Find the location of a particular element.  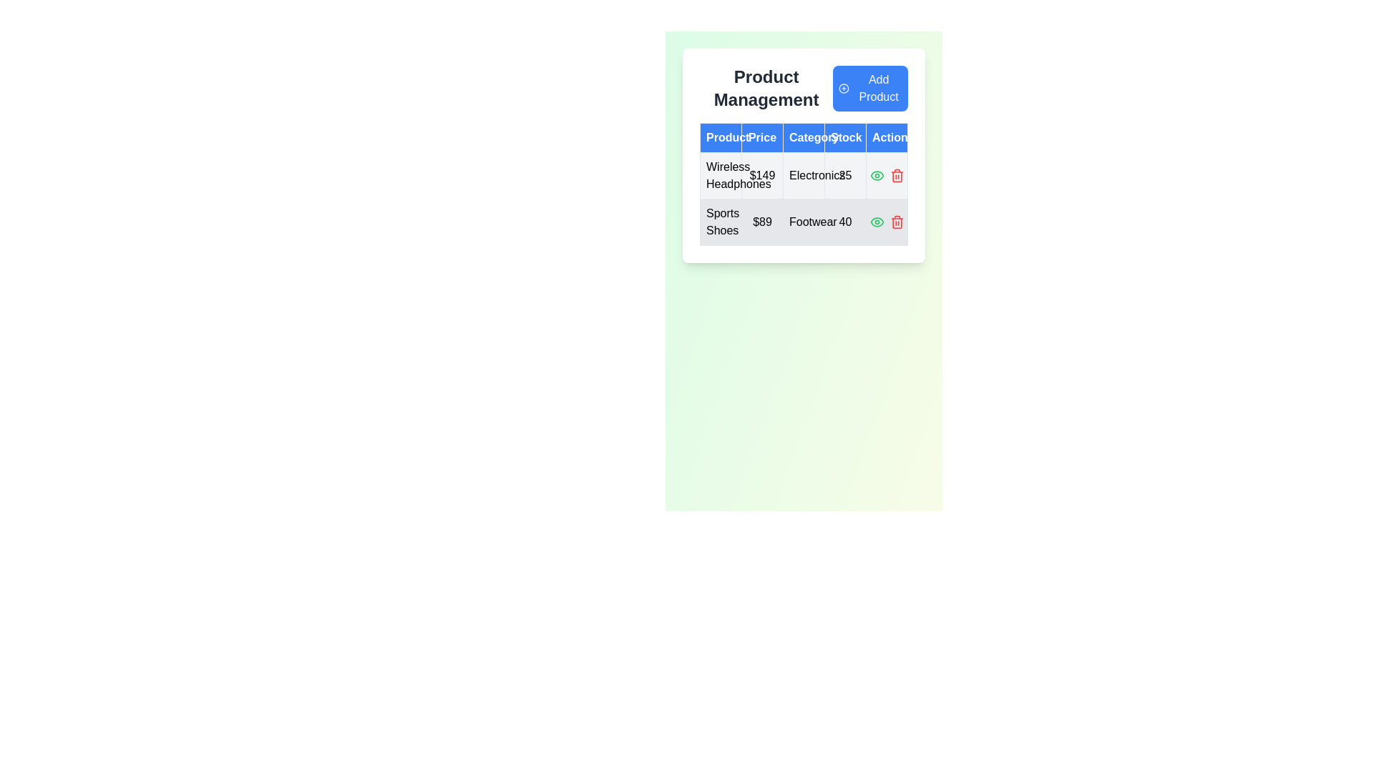

the table header cell labeled 'Category', which is a blue rectangular block with bold white text, positioned between the 'Price' and 'Stock' cells is located at coordinates (804, 137).